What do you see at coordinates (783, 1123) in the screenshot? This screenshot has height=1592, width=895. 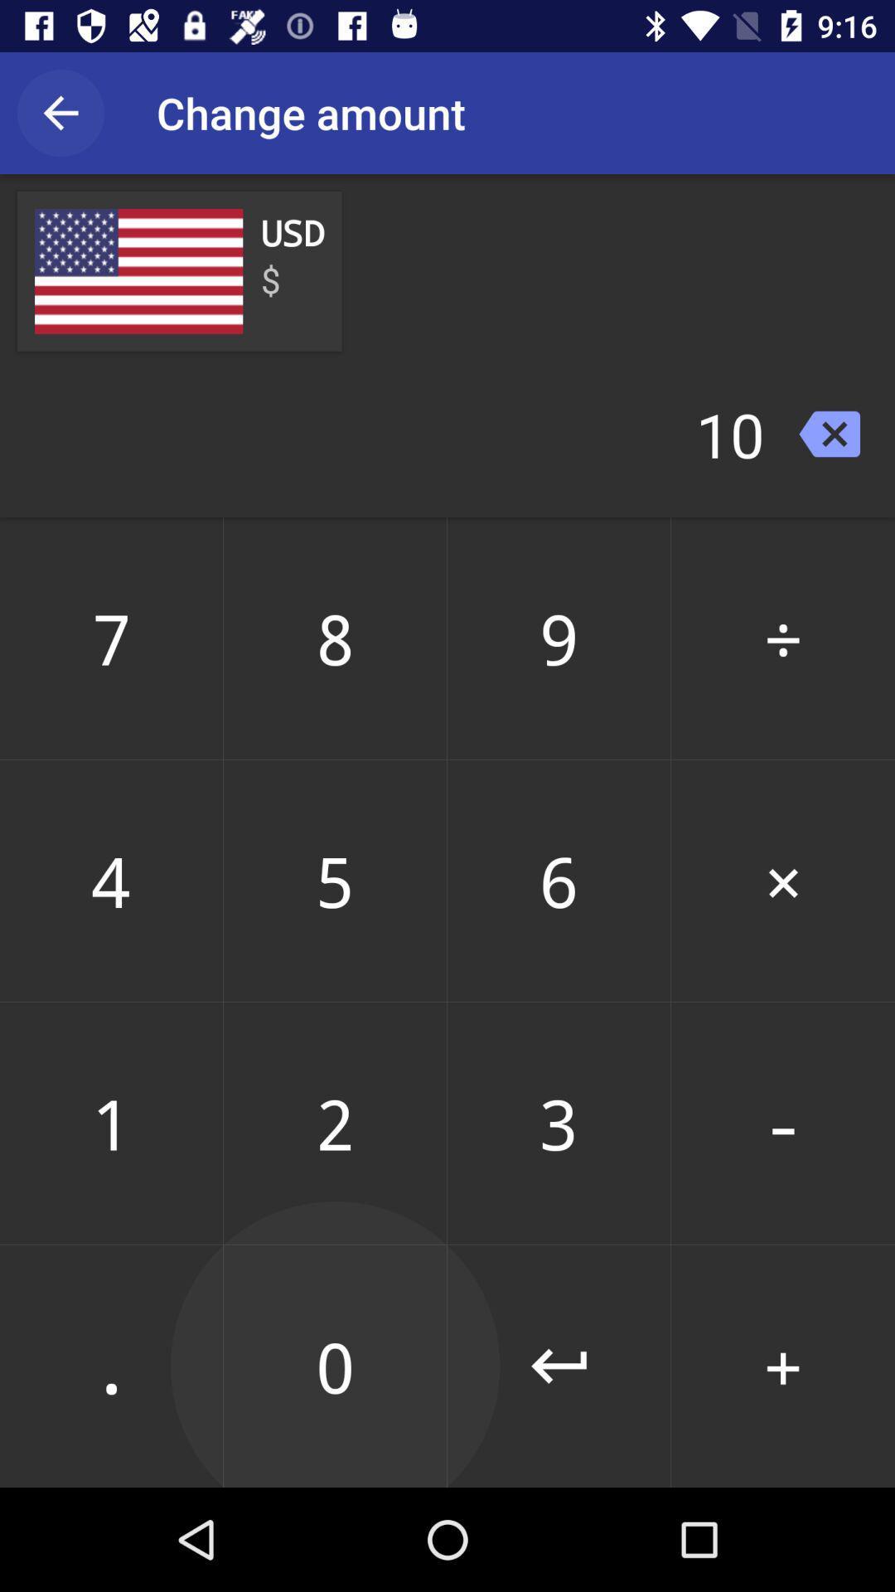 I see `the icon below 6 item` at bounding box center [783, 1123].